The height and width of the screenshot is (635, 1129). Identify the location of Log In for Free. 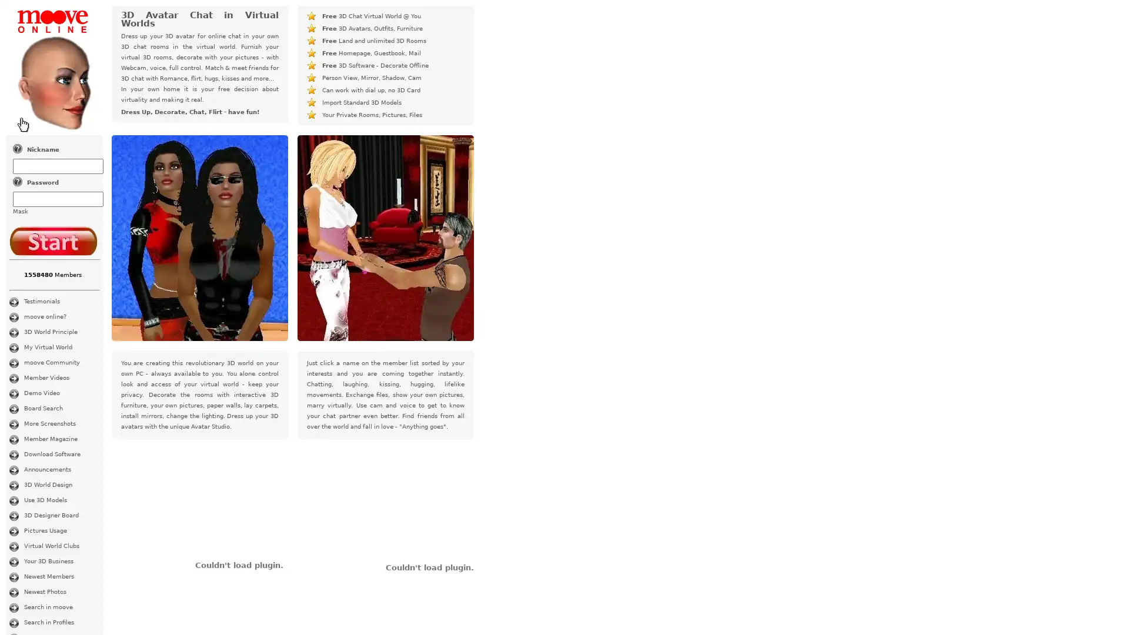
(53, 240).